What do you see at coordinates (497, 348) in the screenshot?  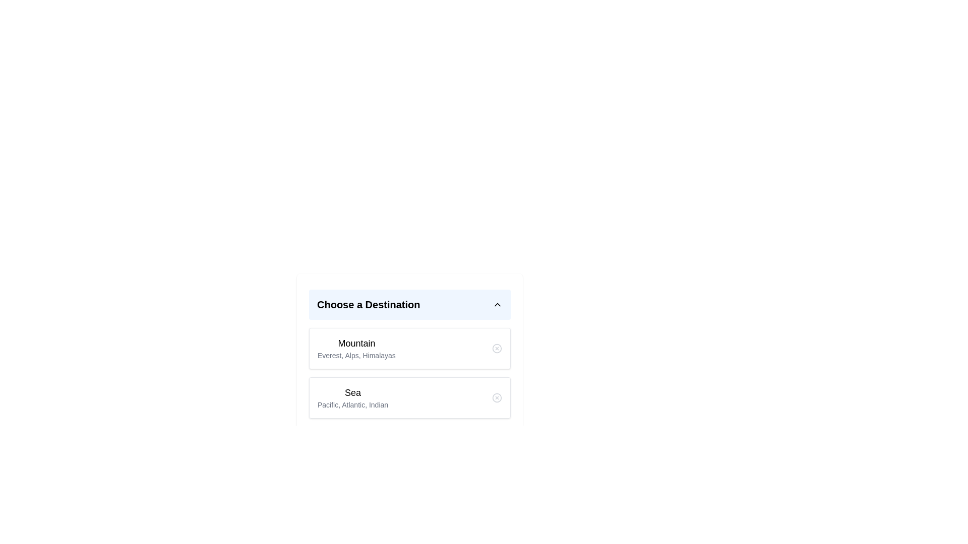 I see `the SVG circle icon associated with the 'Mountain' list item in the 'Choose a Destination' dropdown menu` at bounding box center [497, 348].